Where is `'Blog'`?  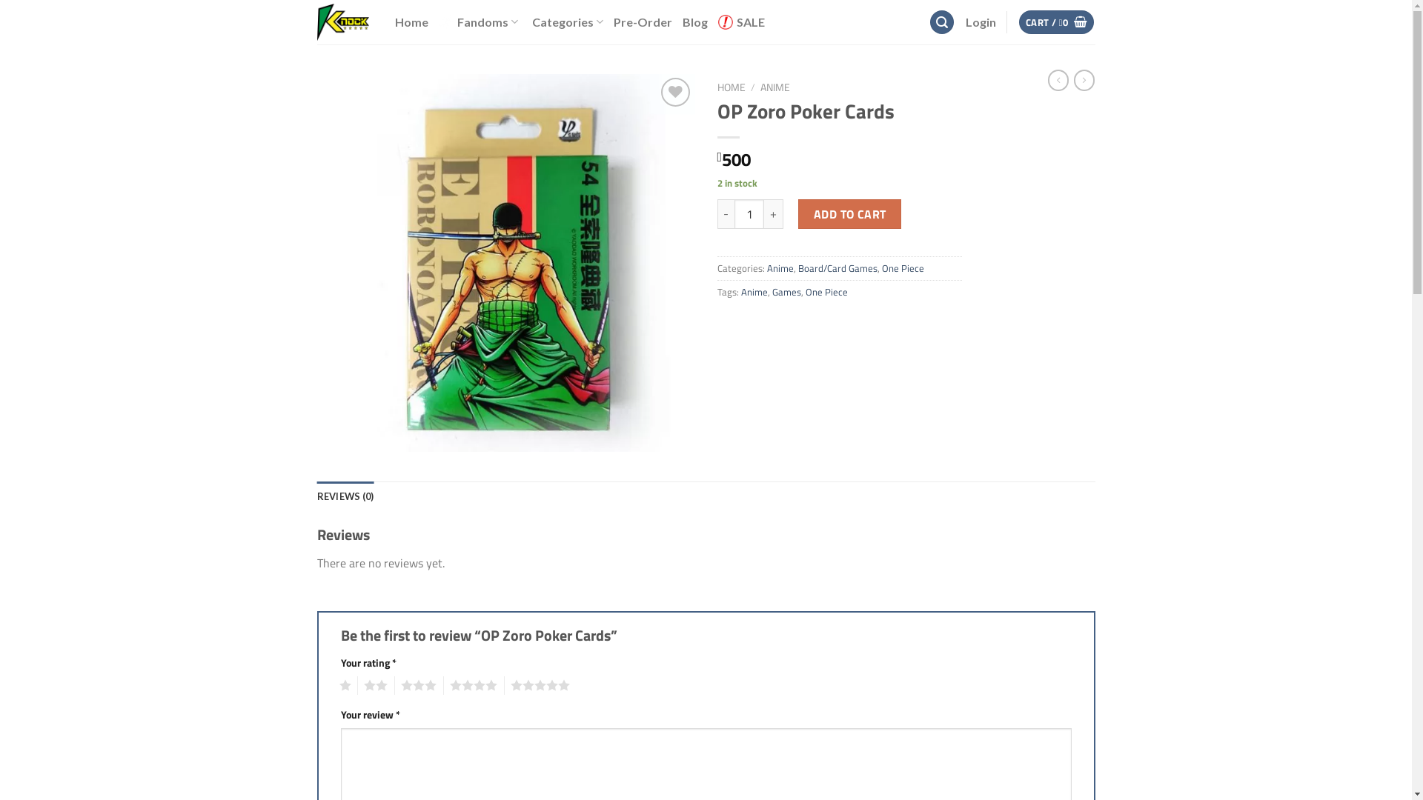 'Blog' is located at coordinates (694, 22).